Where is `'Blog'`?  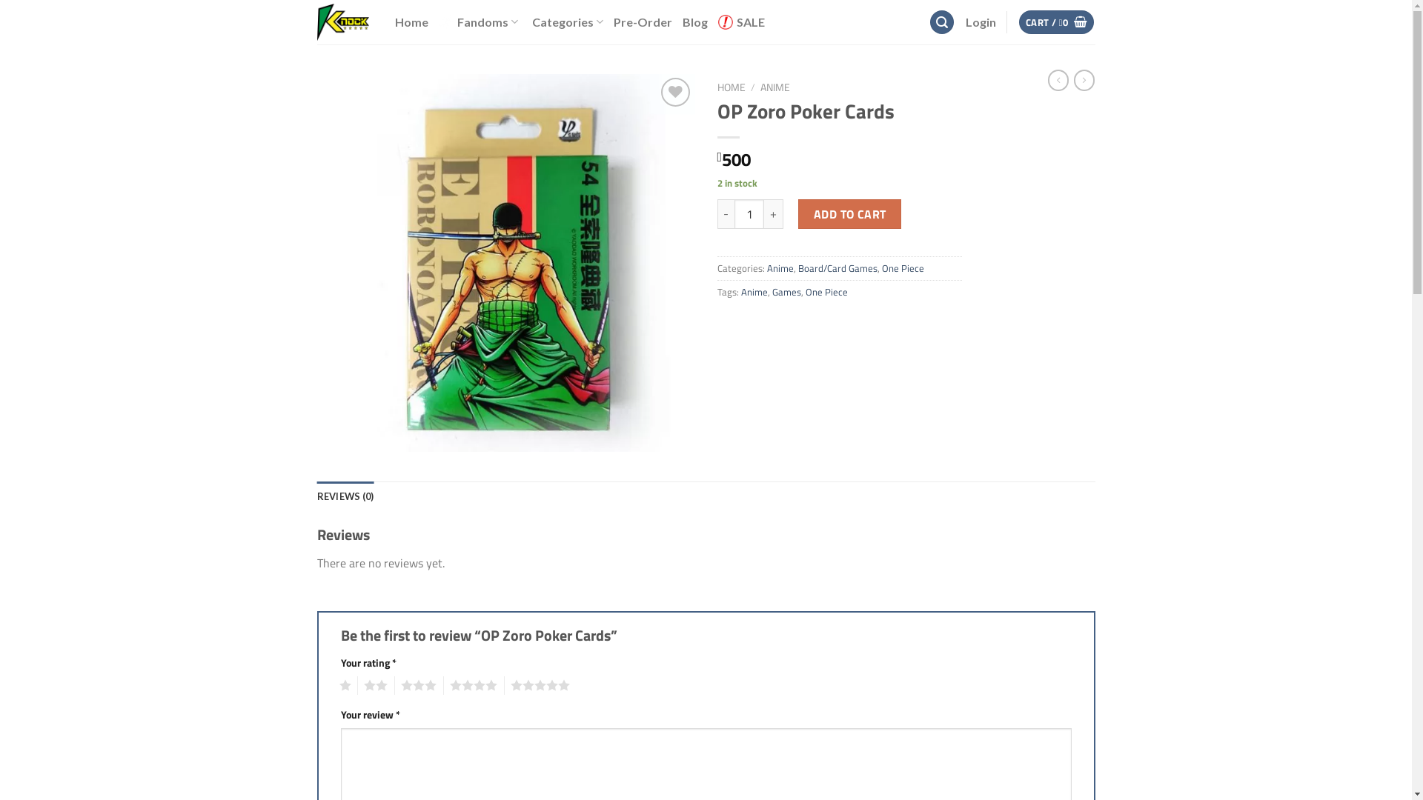 'Blog' is located at coordinates (694, 22).